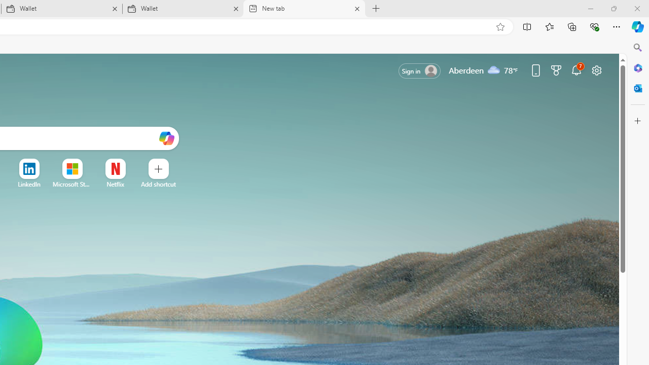 The width and height of the screenshot is (649, 365). What do you see at coordinates (637, 48) in the screenshot?
I see `'Search'` at bounding box center [637, 48].